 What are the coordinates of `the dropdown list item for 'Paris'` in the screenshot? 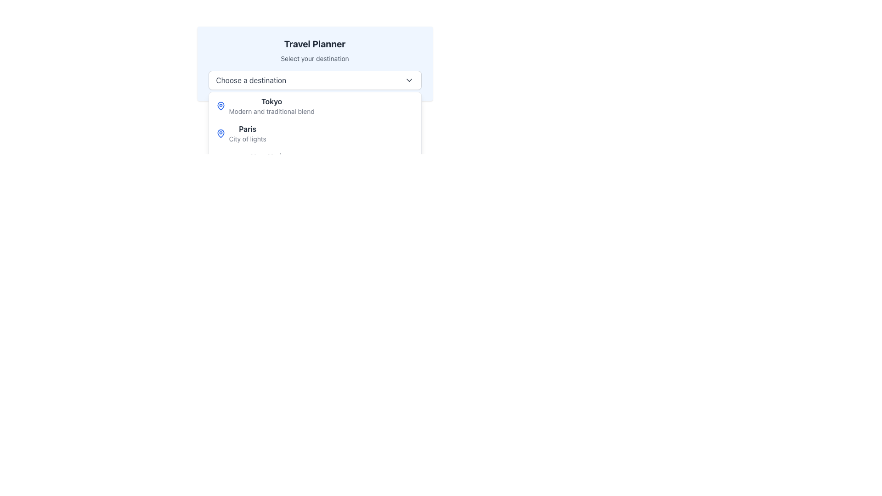 It's located at (315, 133).